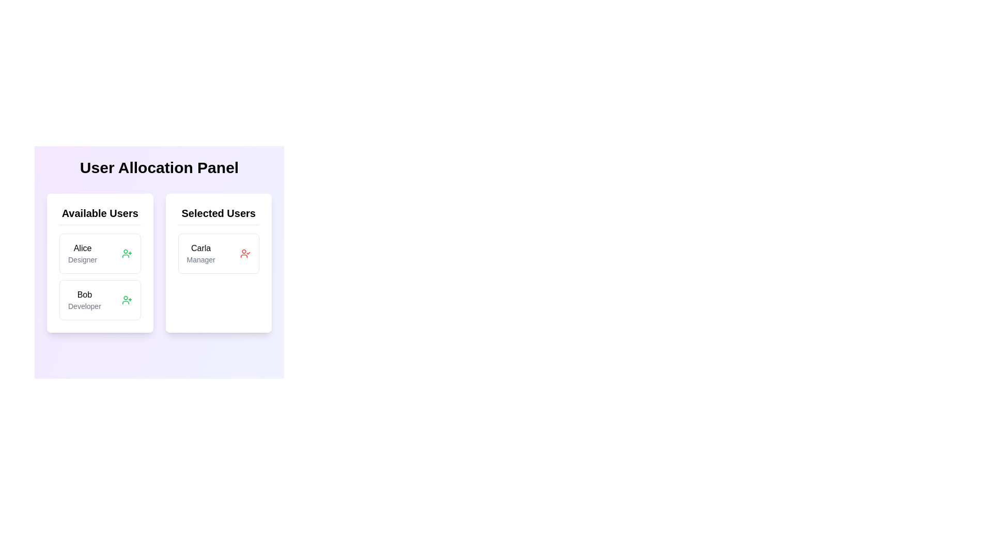 Image resolution: width=992 pixels, height=558 pixels. I want to click on the 'Available Users' text label, which is styled in bold and larger font, located in the left card above the list of users 'Alice' and 'Bob', so click(100, 215).